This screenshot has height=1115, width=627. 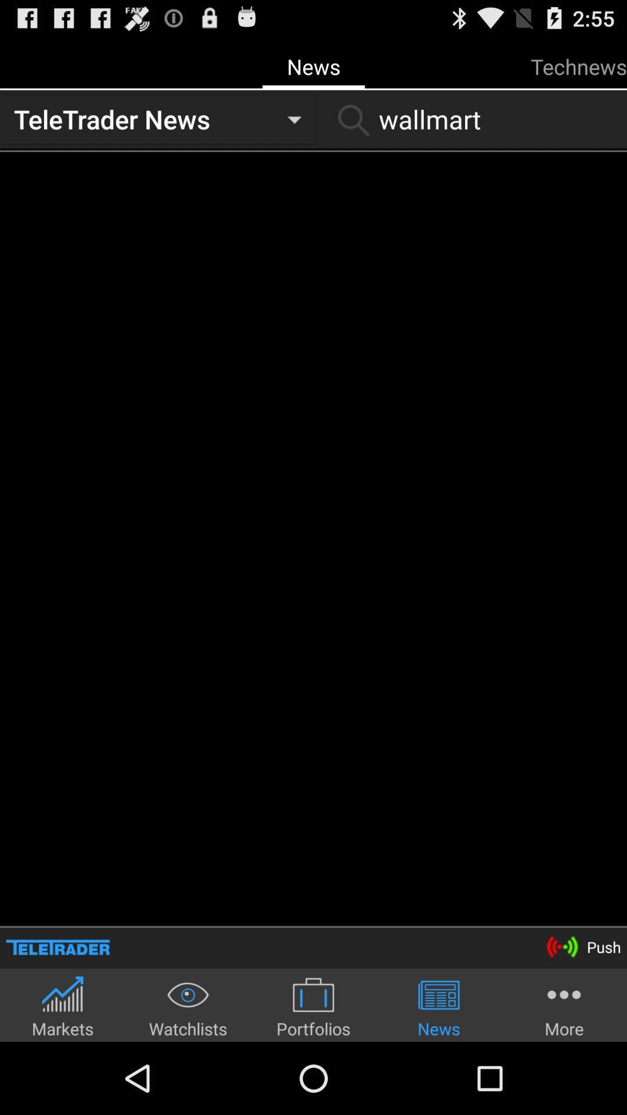 What do you see at coordinates (57, 1013) in the screenshot?
I see `the date_range icon` at bounding box center [57, 1013].